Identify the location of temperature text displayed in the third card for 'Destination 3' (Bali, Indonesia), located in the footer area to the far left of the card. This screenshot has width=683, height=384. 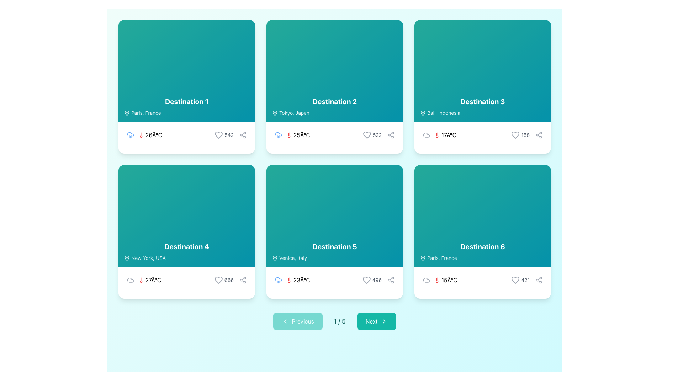
(445, 135).